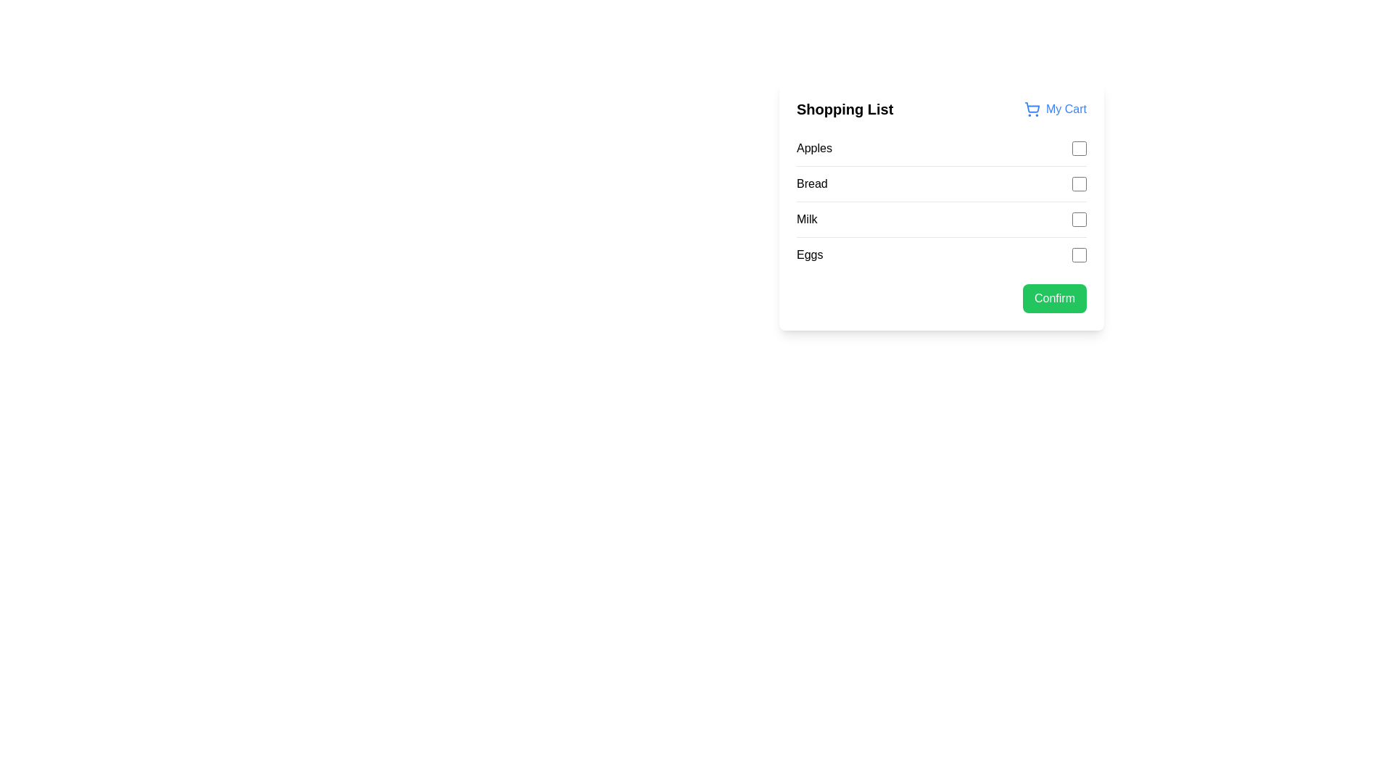  I want to click on the checkbox next to the 'Milk' item in the 'Shopping List', so click(942, 218).